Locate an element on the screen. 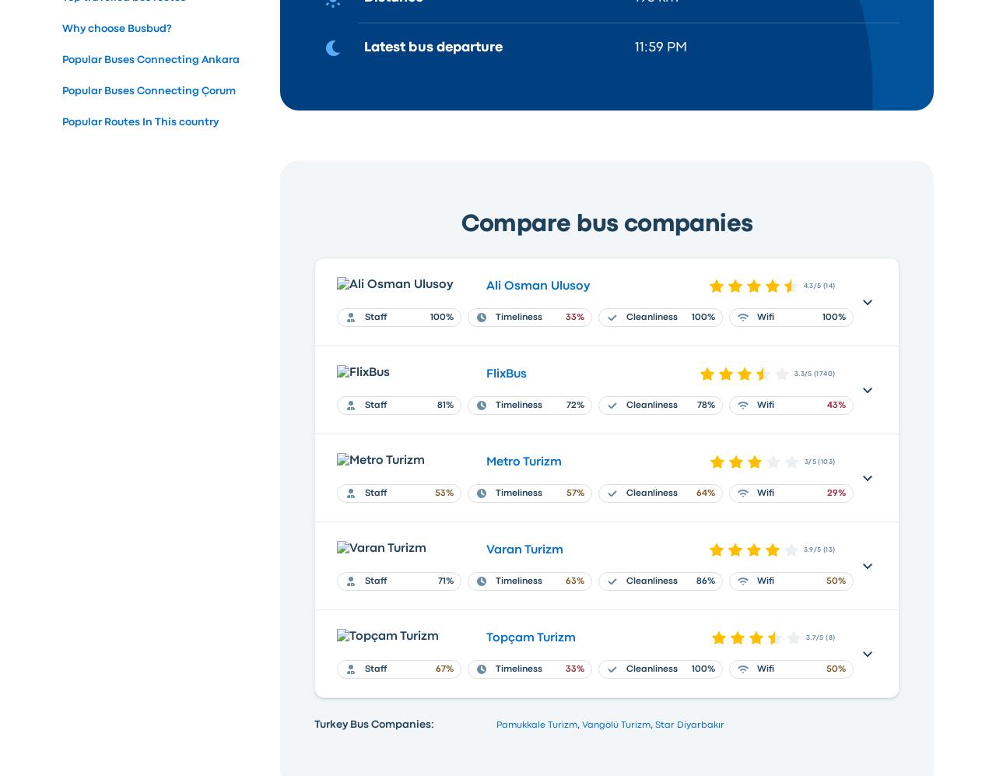 The height and width of the screenshot is (776, 996). 'Star Diyarbakır' is located at coordinates (688, 724).